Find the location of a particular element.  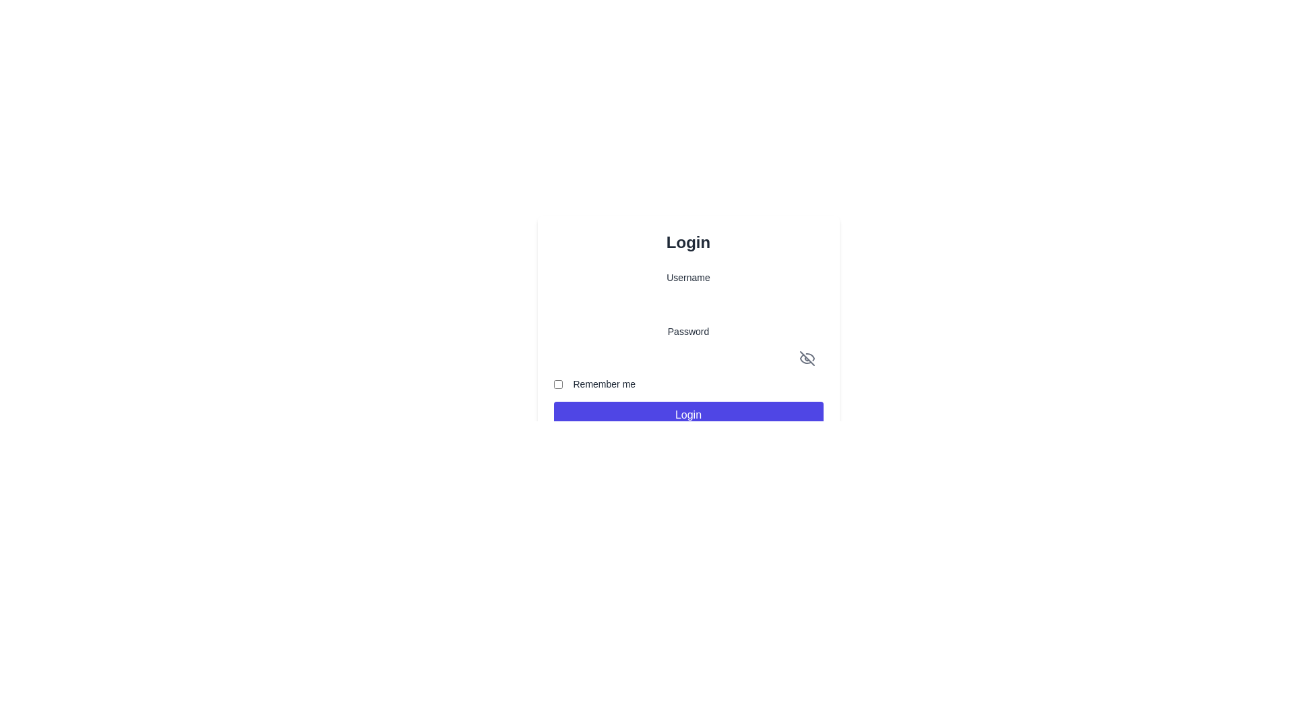

the 'Password' label text element, which is displayed in a medium bold font and positioned above the password input field is located at coordinates (688, 332).